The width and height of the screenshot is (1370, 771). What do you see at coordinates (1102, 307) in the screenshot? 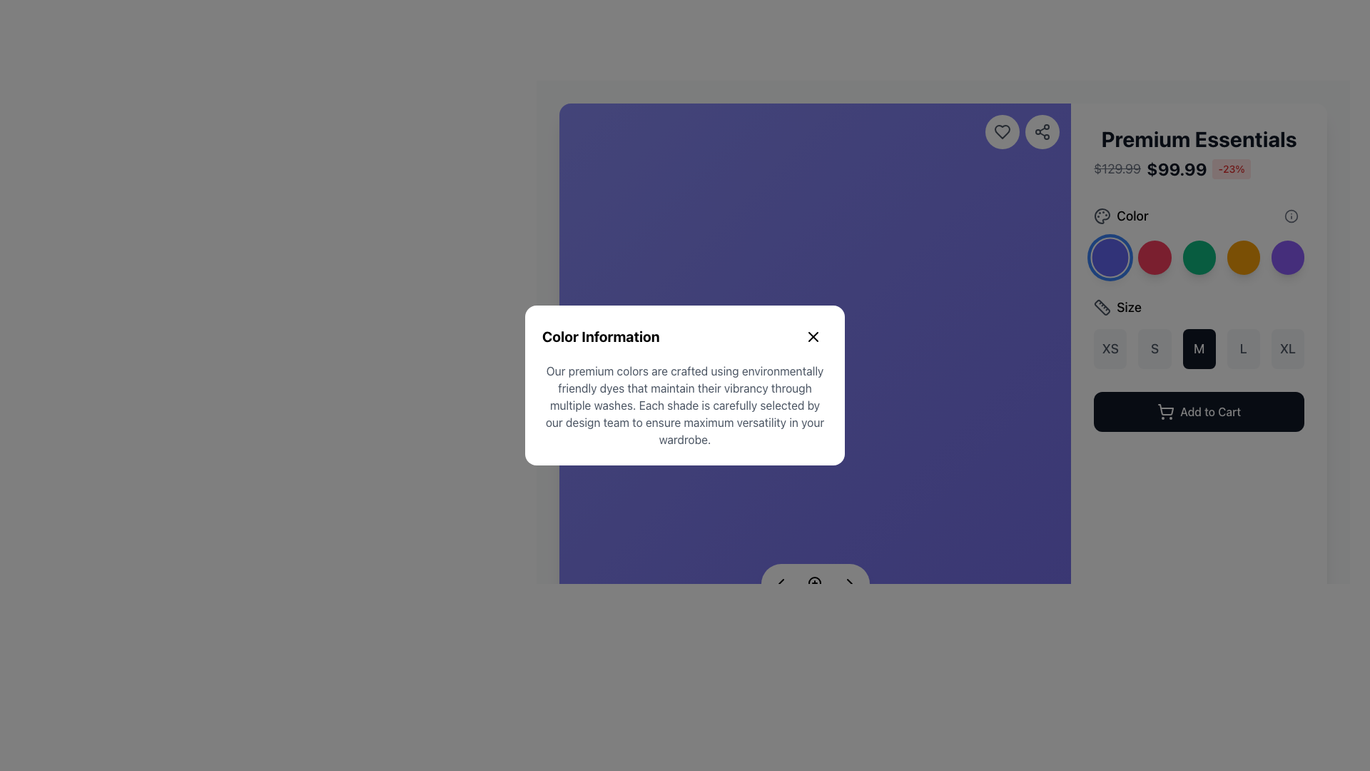
I see `the ruler icon located in the 'Size' section, positioned to the left of the text 'Size.'` at bounding box center [1102, 307].